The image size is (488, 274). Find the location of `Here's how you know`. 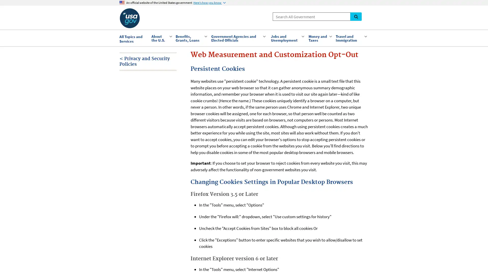

Here's how you know is located at coordinates (209, 3).